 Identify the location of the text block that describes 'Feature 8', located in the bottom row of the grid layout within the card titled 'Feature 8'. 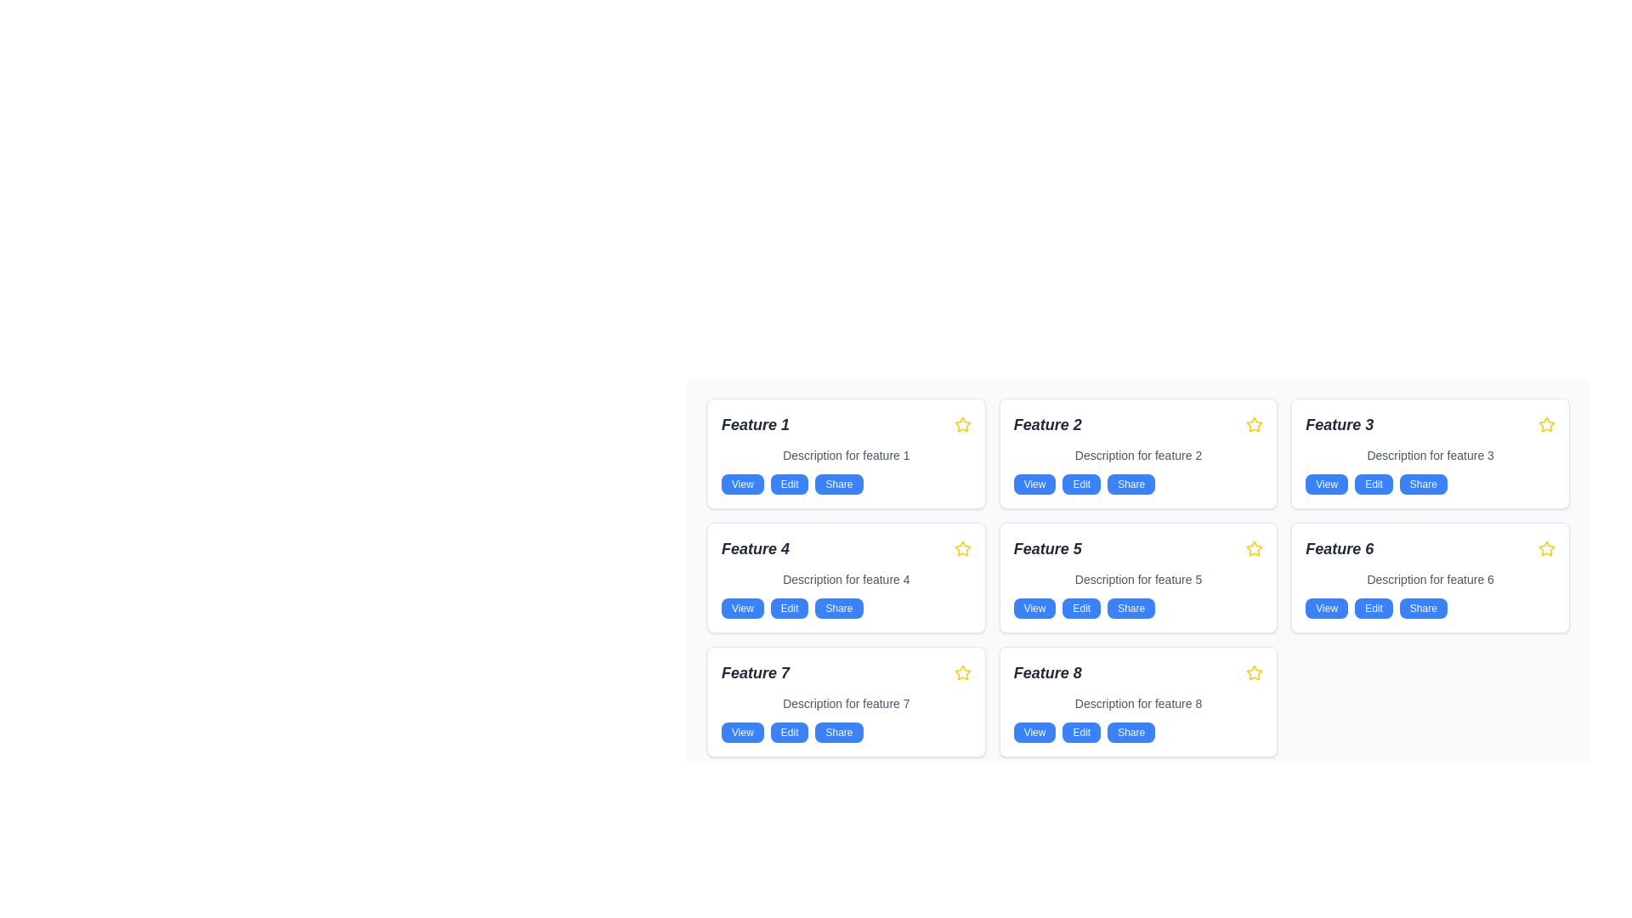
(1138, 704).